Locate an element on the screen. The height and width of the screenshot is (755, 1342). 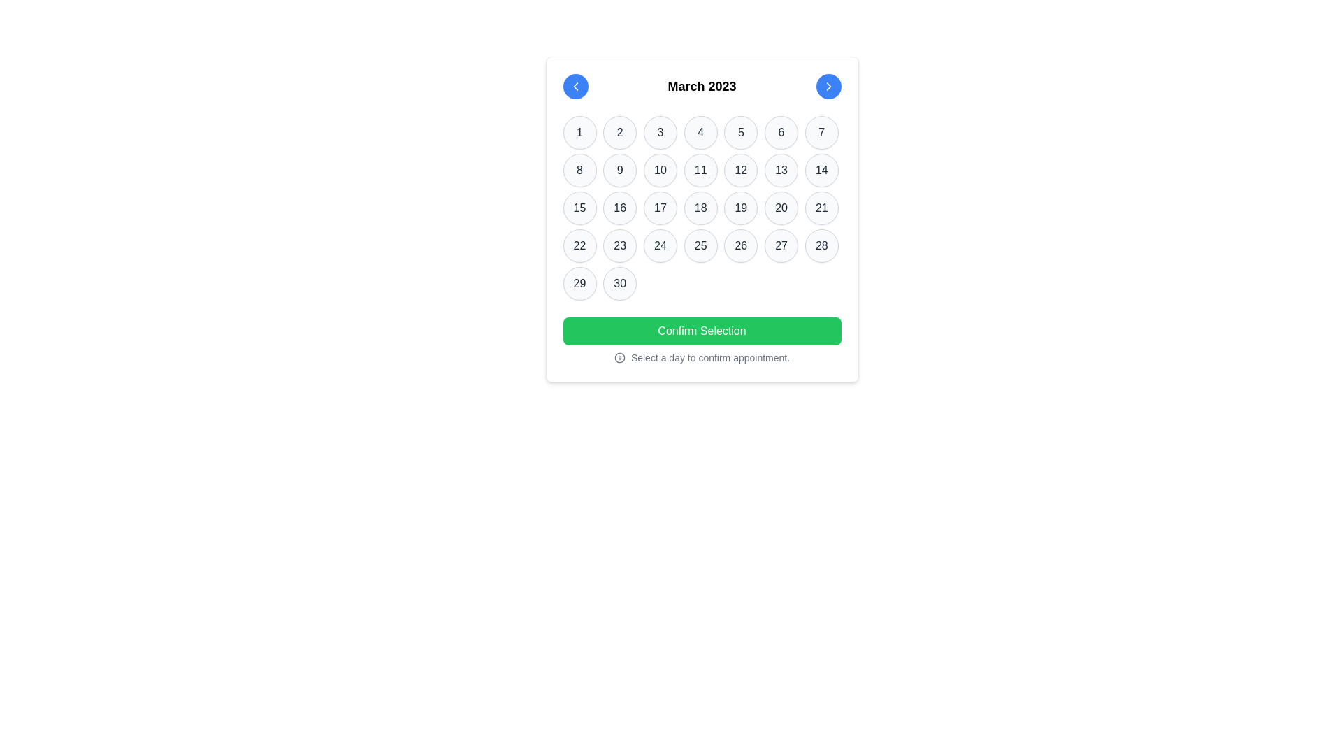
the circular button with a white background and the number '4' centered in dark gray is located at coordinates (700, 132).